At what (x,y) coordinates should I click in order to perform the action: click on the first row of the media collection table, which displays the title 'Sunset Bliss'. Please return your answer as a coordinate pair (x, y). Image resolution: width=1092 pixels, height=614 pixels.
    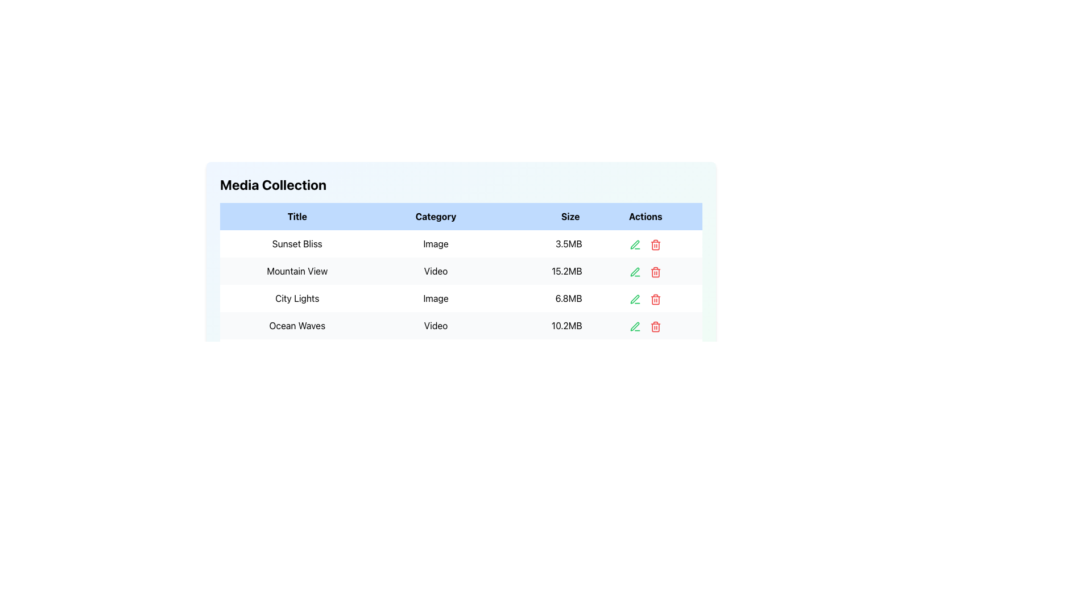
    Looking at the image, I should click on (461, 243).